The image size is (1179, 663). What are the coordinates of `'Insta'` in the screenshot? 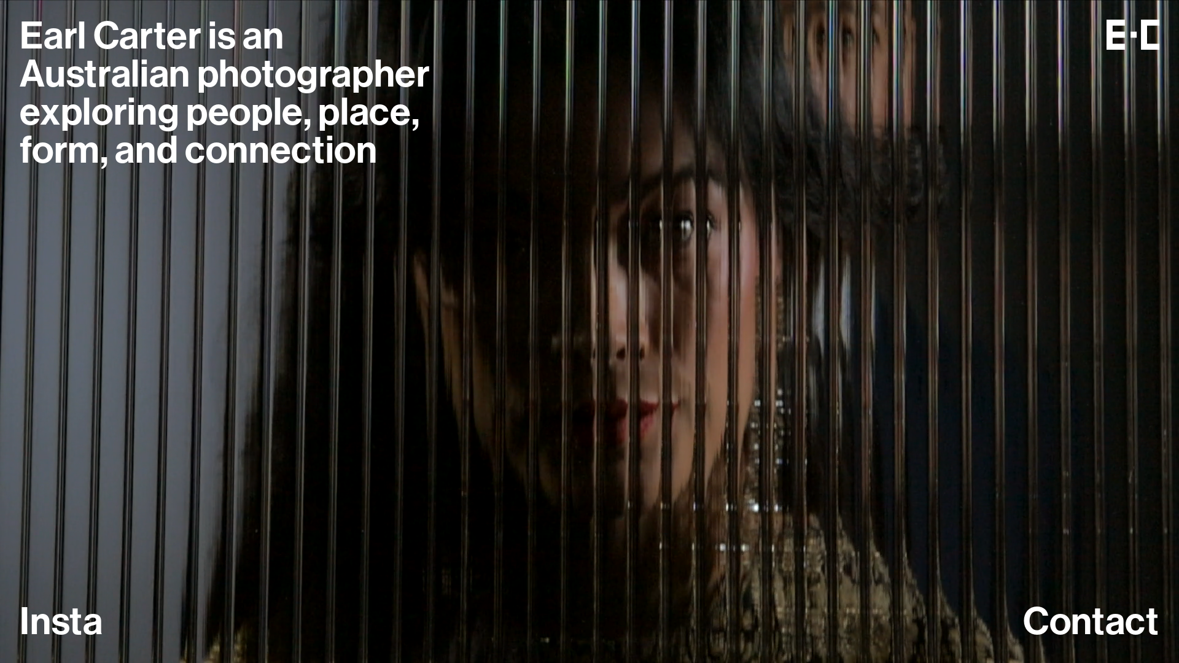 It's located at (60, 624).